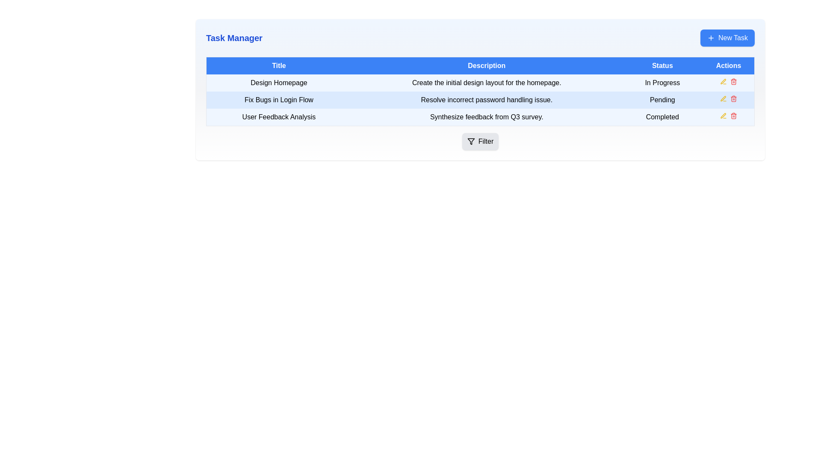  What do you see at coordinates (487, 65) in the screenshot?
I see `the blue-colored label with white text that displays 'Description', which is the second header in a row of four headers in the table layout` at bounding box center [487, 65].